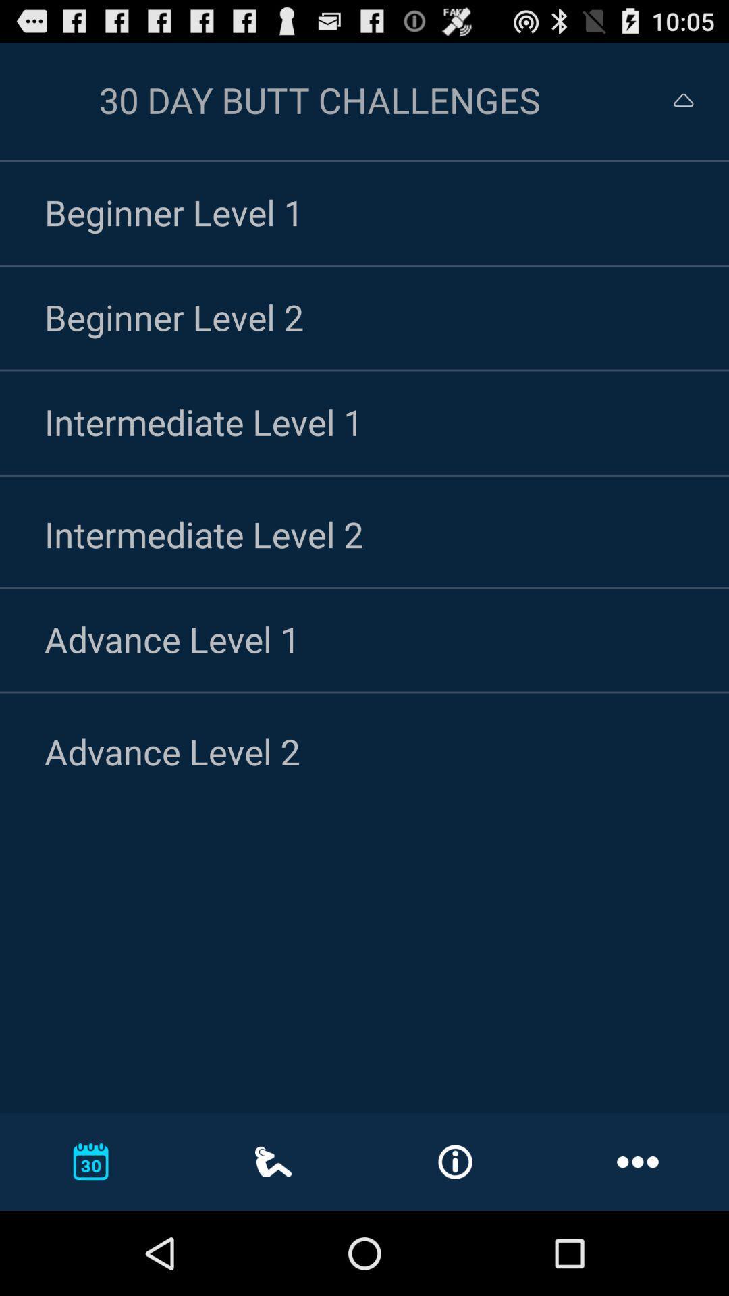 This screenshot has height=1296, width=729. I want to click on the symbol which is to the right of 30 day butt challenges, so click(671, 99).